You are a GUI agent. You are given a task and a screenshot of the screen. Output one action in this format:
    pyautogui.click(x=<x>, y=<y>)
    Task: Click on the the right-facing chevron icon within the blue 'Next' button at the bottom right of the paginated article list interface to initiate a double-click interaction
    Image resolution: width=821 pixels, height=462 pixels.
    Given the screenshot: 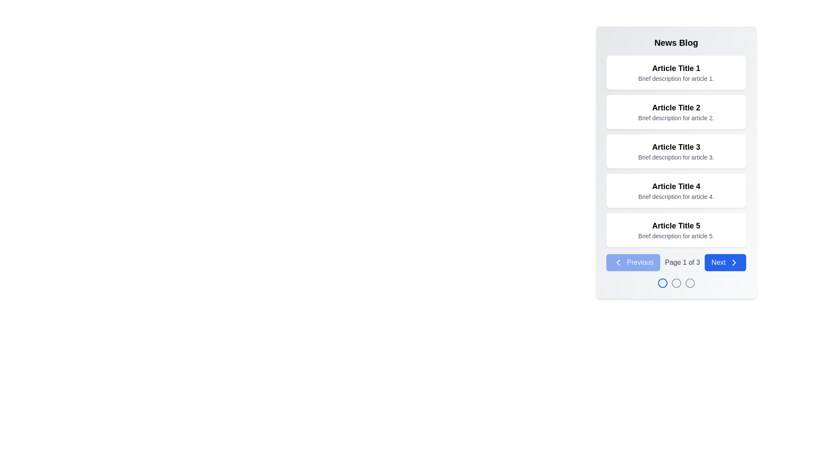 What is the action you would take?
    pyautogui.click(x=734, y=262)
    